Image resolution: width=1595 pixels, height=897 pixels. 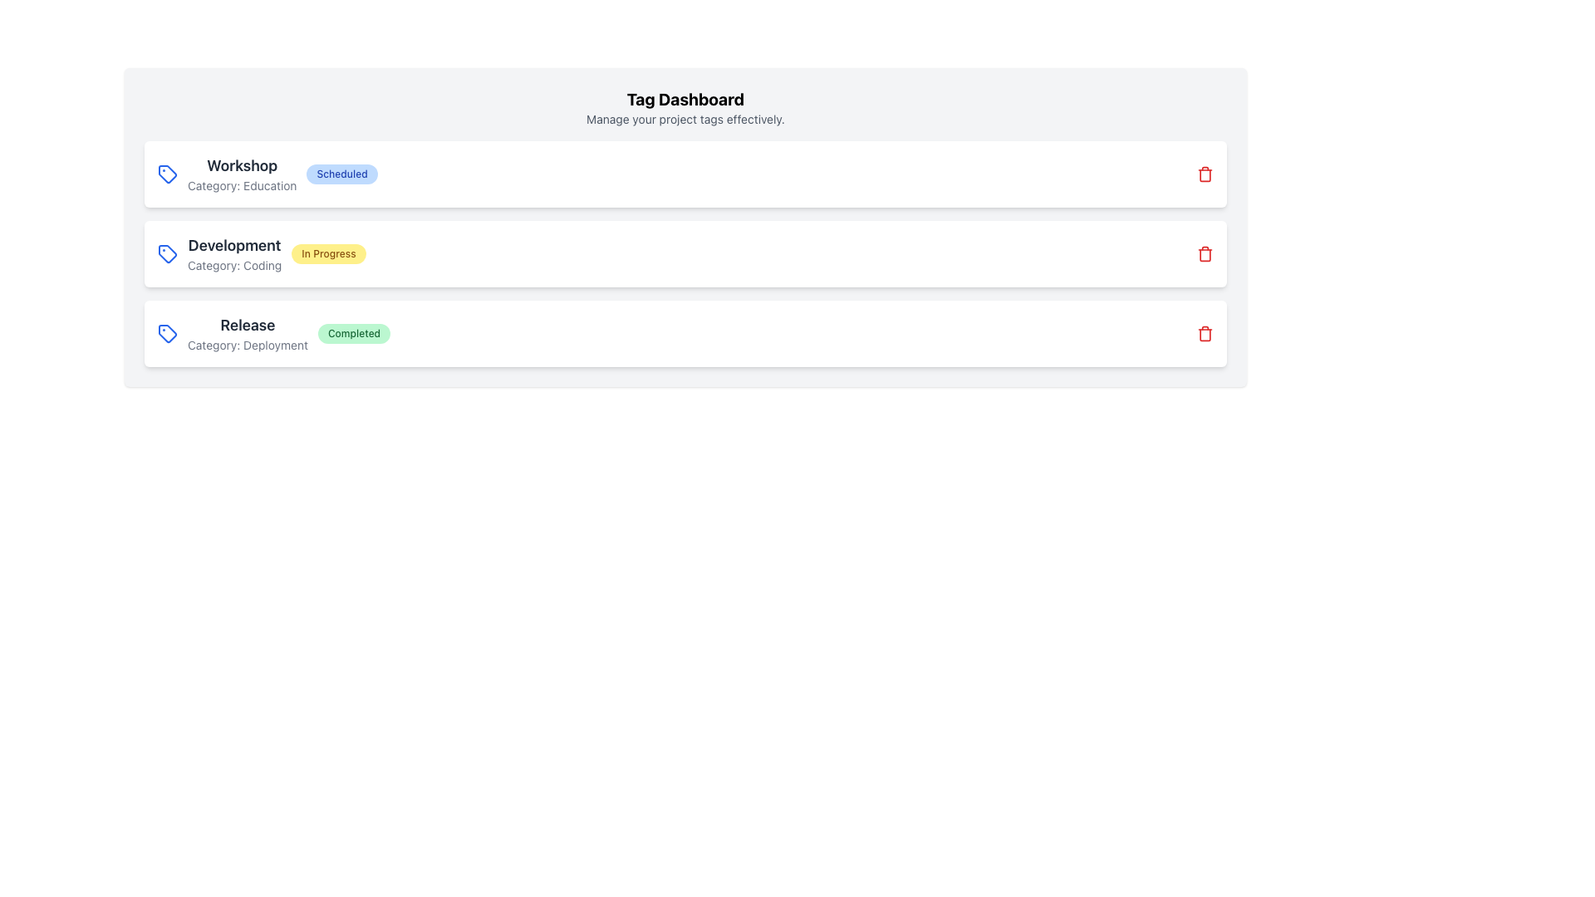 I want to click on the red trashcan icon button located at the far right side of the 'Release Category: Deployment Completed' card, so click(x=1205, y=333).